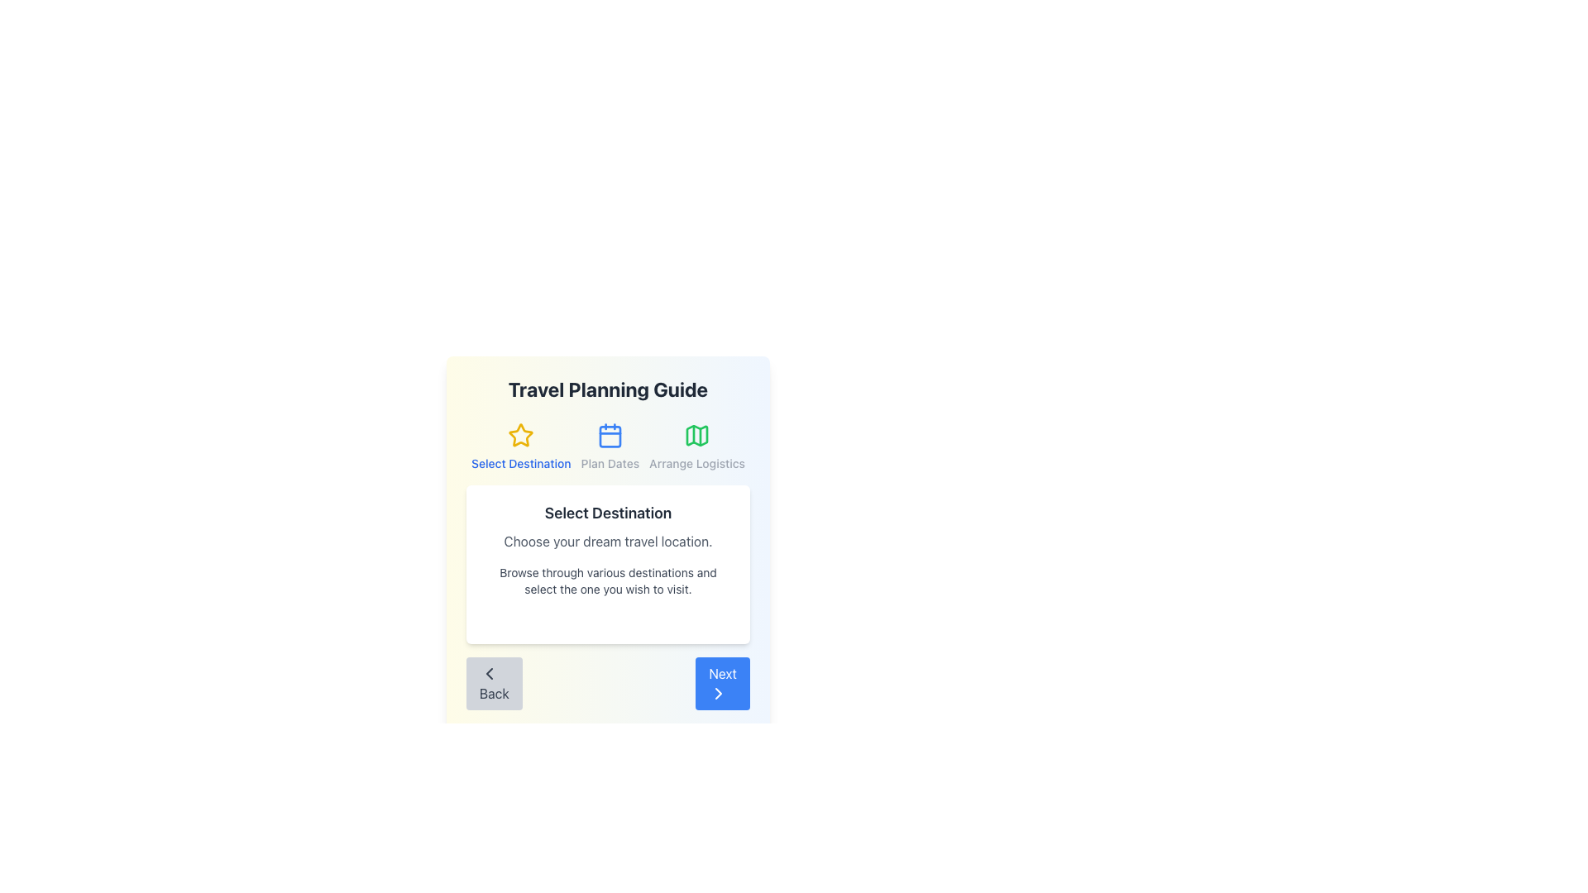 This screenshot has width=1588, height=893. I want to click on the text label displaying 'Arrange Logistics', which is located below a map icon in the 'Travel Planning Guide' card, so click(697, 463).